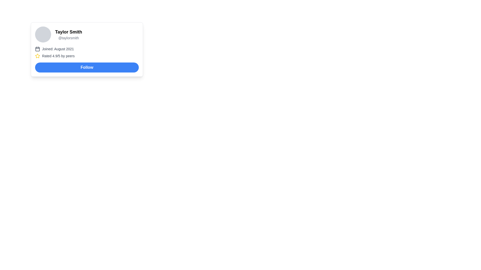 The image size is (481, 270). Describe the element at coordinates (37, 56) in the screenshot. I see `the star icon located in the bottom-left section of the user information card, positioned to the left of the text 'Rated 4.9/5 by peers'` at that location.